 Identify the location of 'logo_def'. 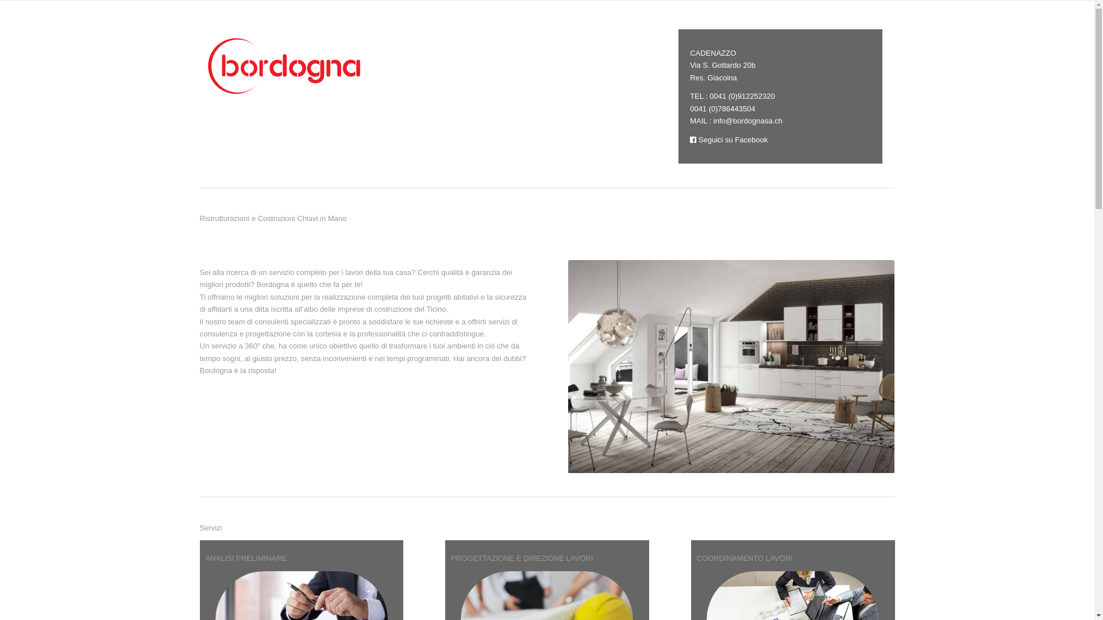
(286, 65).